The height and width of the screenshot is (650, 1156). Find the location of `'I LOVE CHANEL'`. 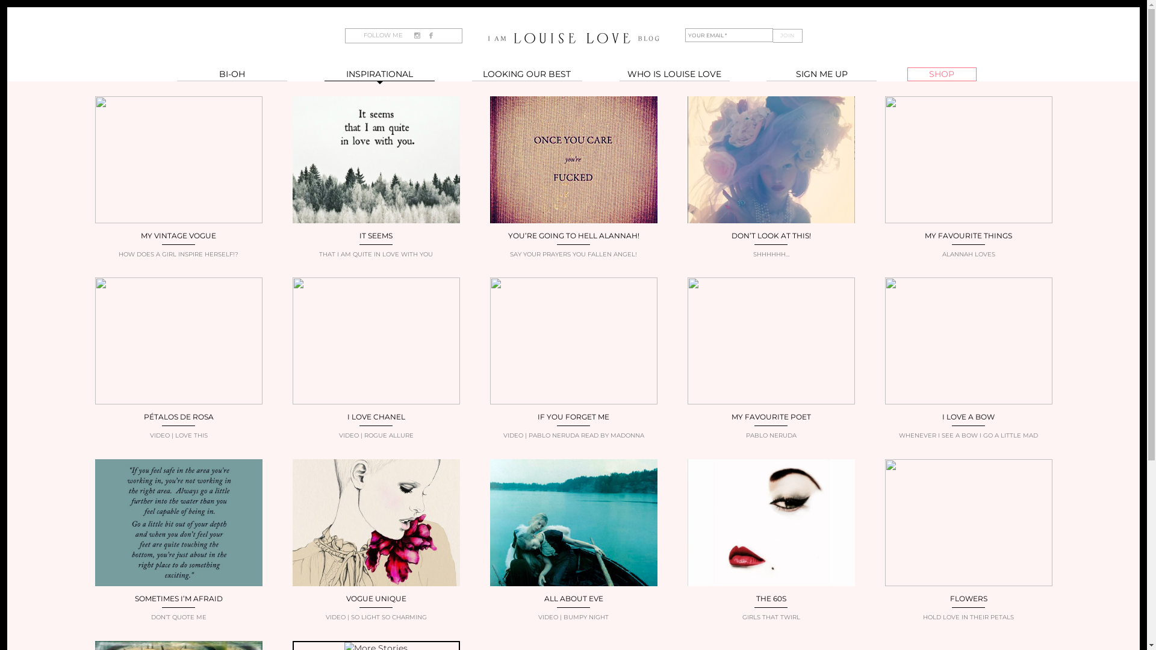

'I LOVE CHANEL' is located at coordinates (375, 416).